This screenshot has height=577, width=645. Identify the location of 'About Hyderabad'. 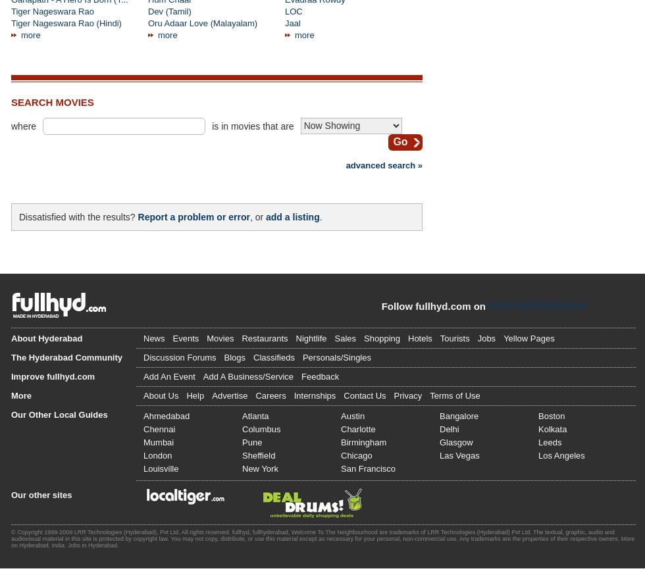
(11, 337).